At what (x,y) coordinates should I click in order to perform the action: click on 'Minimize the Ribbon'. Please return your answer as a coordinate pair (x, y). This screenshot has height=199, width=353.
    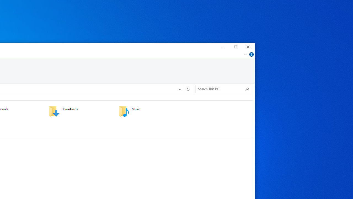
    Looking at the image, I should click on (245, 54).